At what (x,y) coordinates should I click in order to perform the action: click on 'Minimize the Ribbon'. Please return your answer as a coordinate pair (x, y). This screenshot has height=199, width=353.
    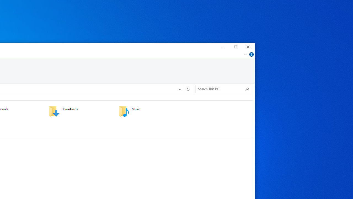
    Looking at the image, I should click on (245, 54).